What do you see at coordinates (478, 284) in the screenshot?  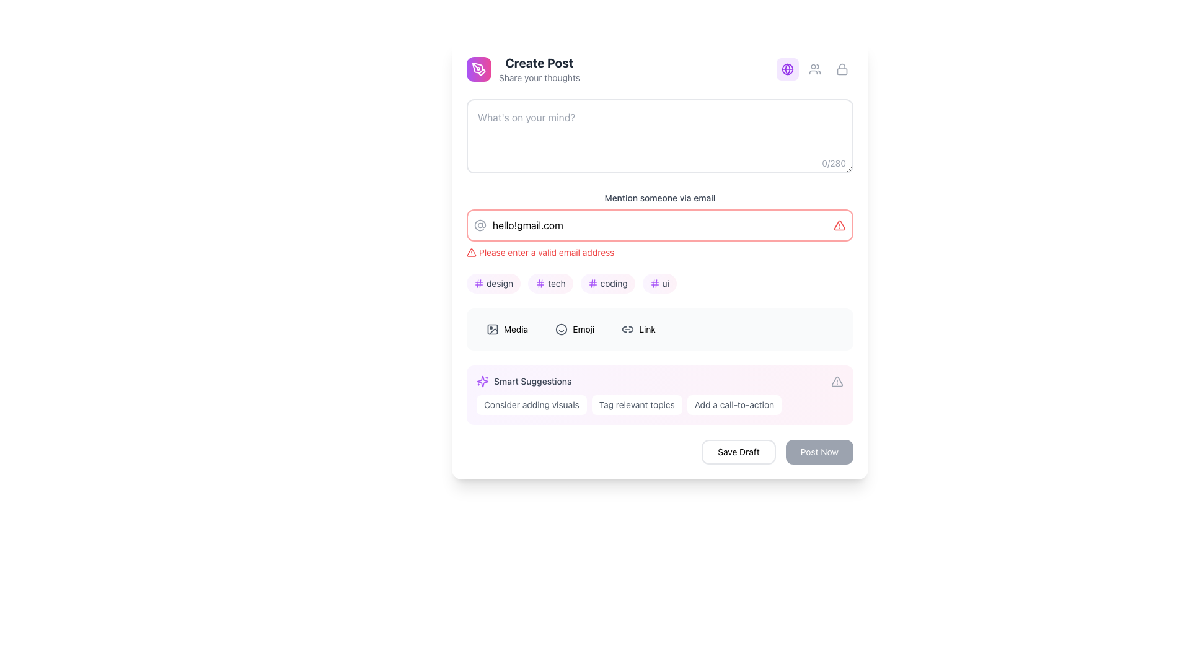 I see `the hashtag icon located to the left of the text 'design' within a rounded rectangular button with a gradient background` at bounding box center [478, 284].